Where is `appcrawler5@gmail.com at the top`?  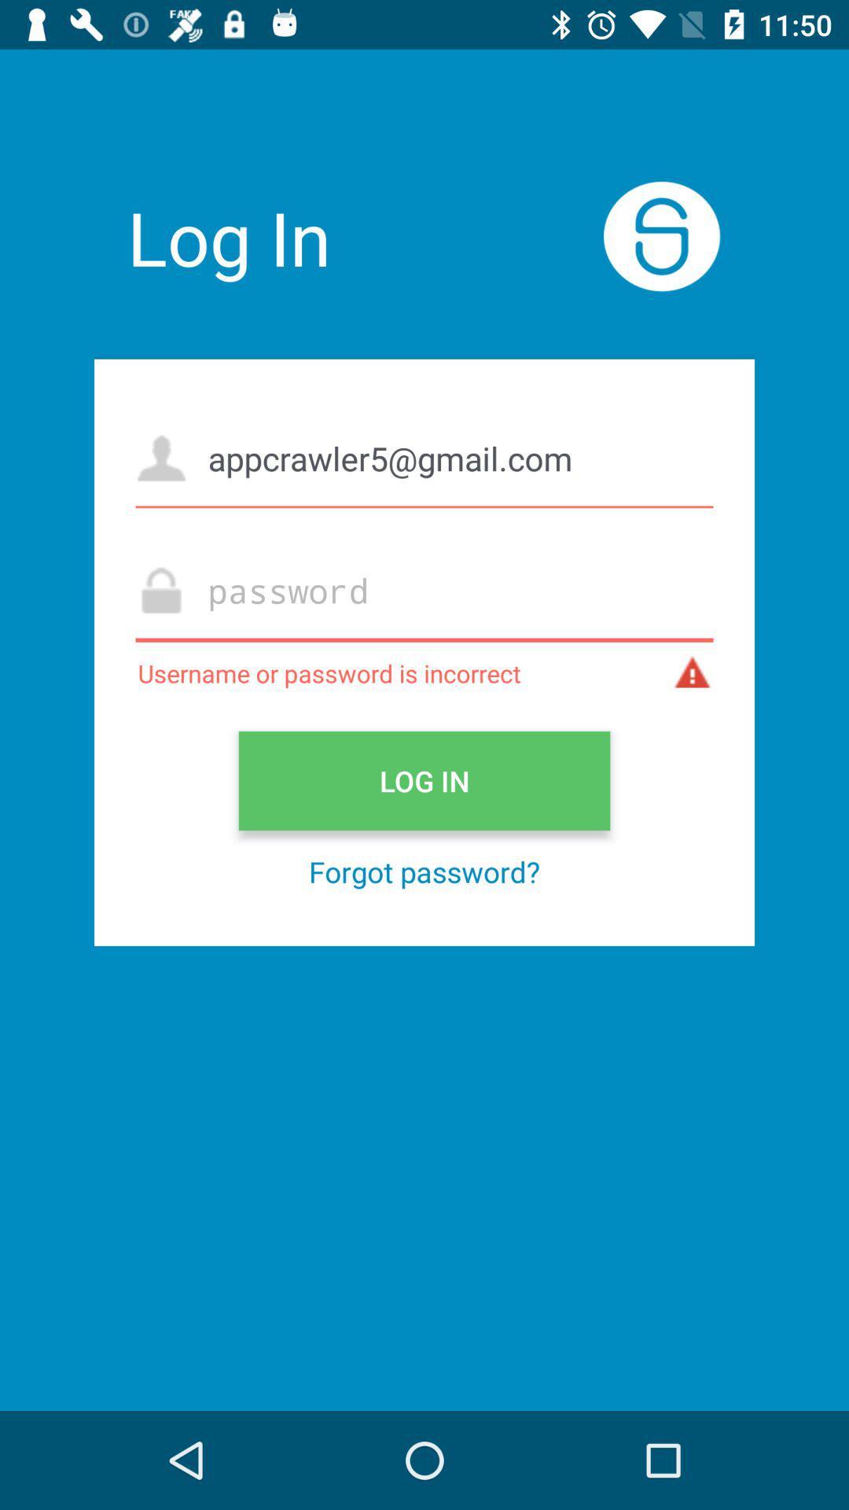 appcrawler5@gmail.com at the top is located at coordinates (424, 457).